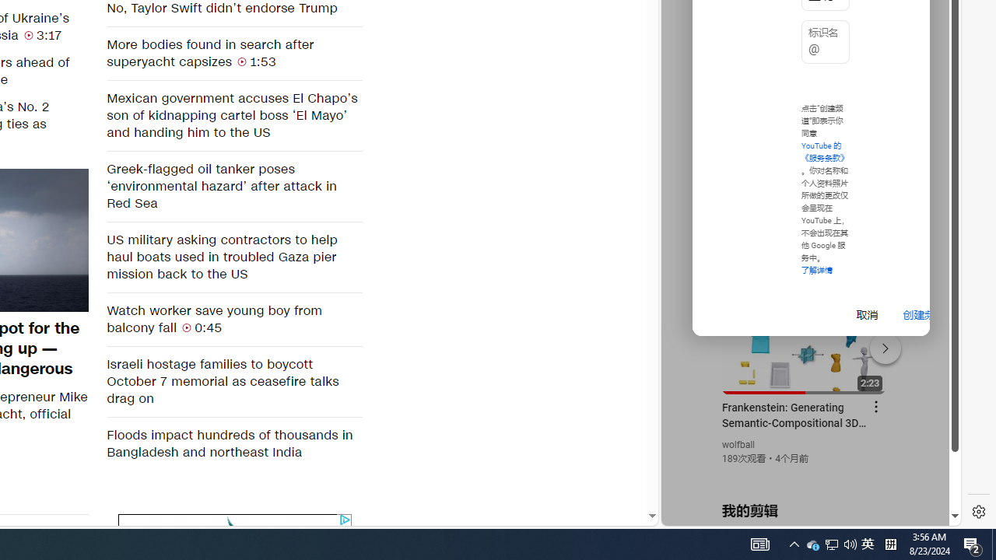 This screenshot has height=560, width=996. What do you see at coordinates (850, 543) in the screenshot?
I see `'Q2790: 100%'` at bounding box center [850, 543].